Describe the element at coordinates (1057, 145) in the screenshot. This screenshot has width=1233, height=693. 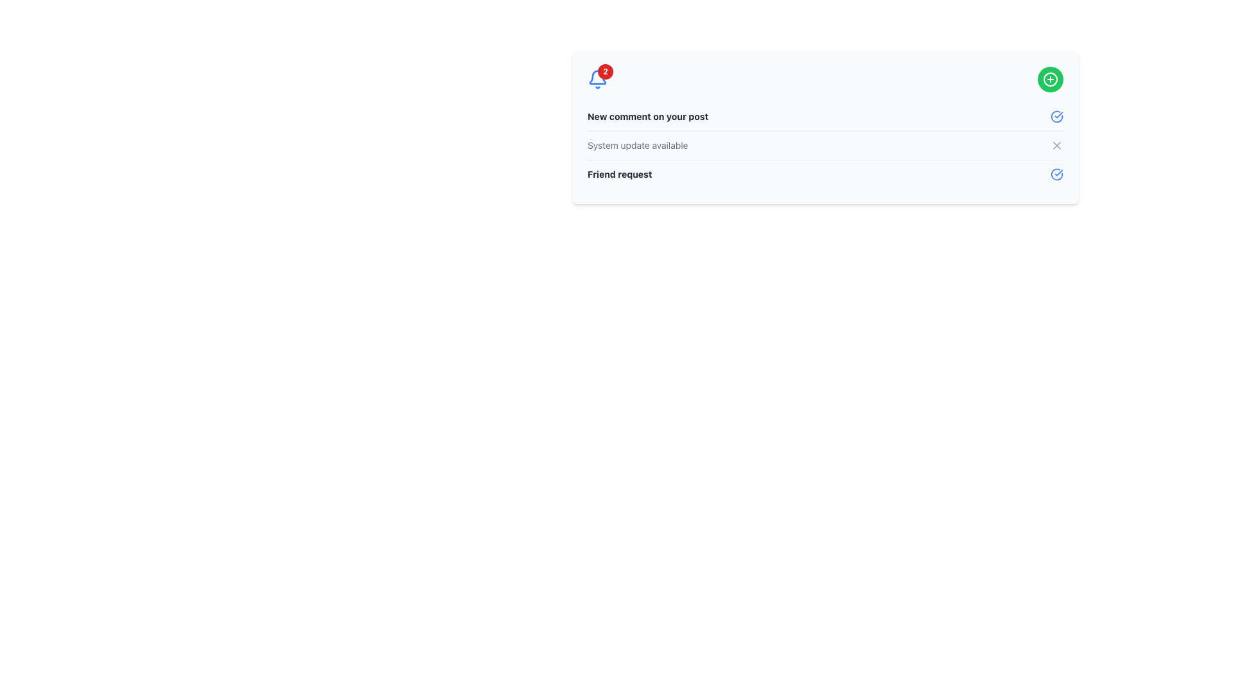
I see `the dismiss icon (X symbol) located at the far right of the 'System update available' notification` at that location.